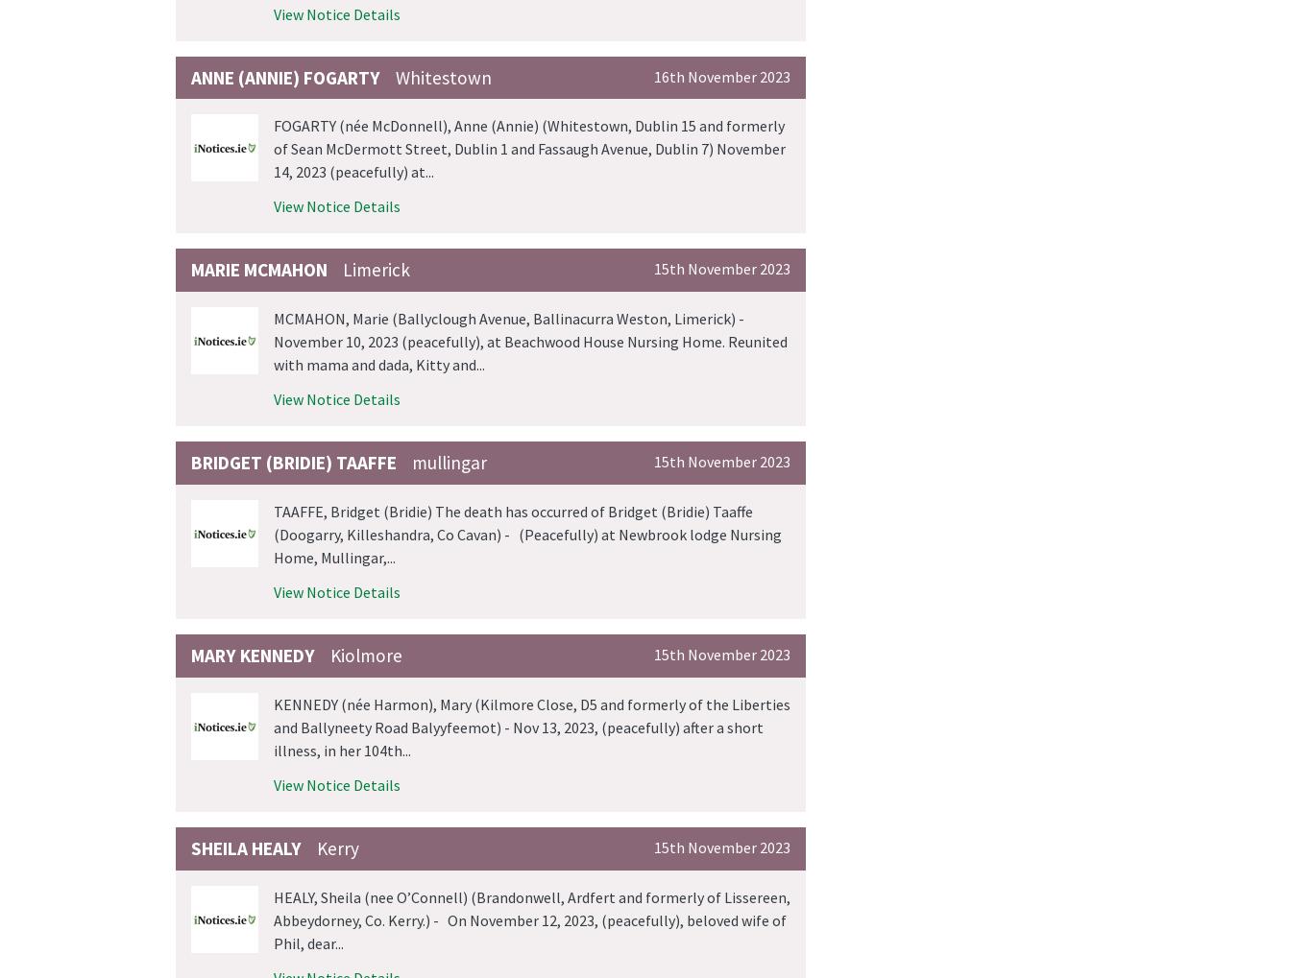 The height and width of the screenshot is (978, 1312). What do you see at coordinates (530, 342) in the screenshot?
I see `'MCMAHON, Marie                     (Ballyclough Avenue, Ballinacurra Weston, Limerick) - November 10, 2023 (peacefully), at Beachwood House Nursing Home. Reunited with mama and dada, Kitty and...'` at bounding box center [530, 342].